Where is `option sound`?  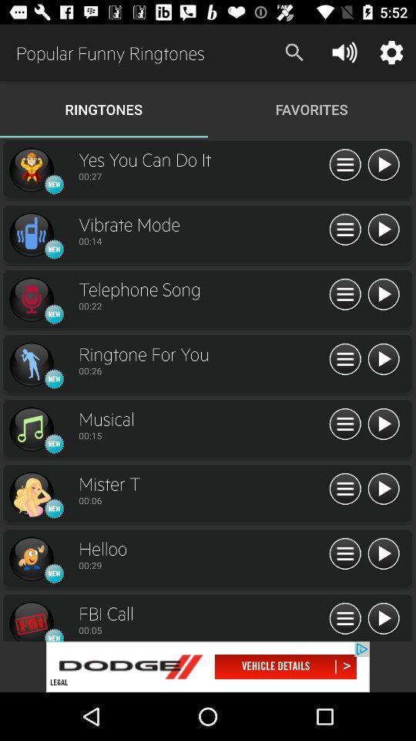 option sound is located at coordinates (345, 619).